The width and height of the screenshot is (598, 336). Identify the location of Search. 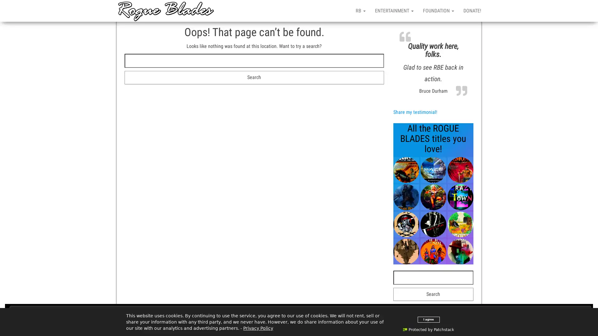
(254, 77).